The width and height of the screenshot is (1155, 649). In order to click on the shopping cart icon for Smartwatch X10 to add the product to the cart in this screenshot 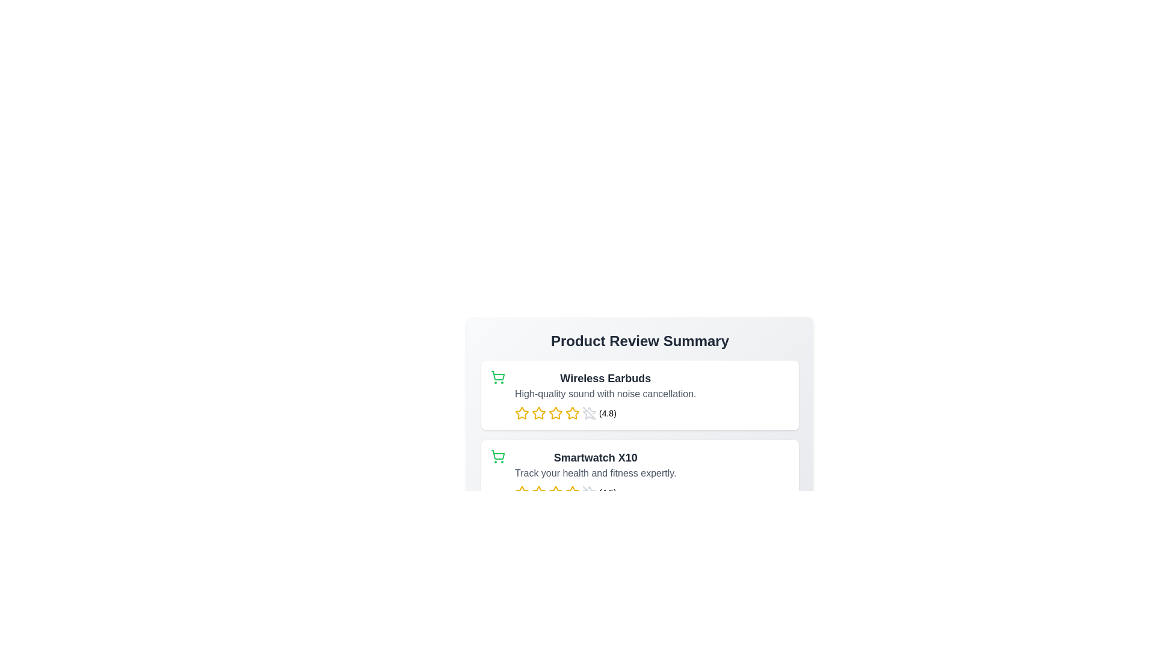, I will do `click(498, 456)`.